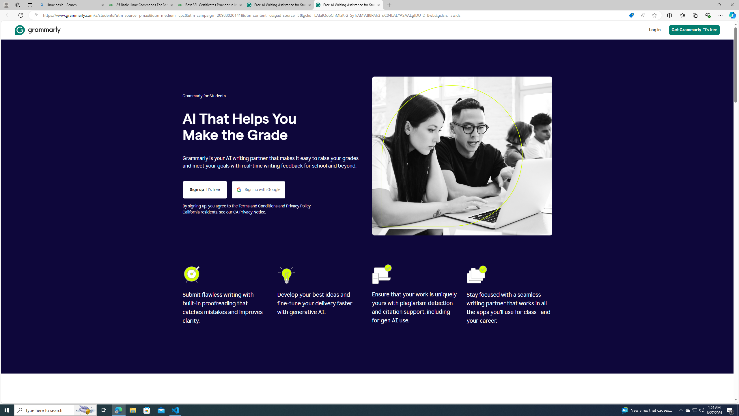 This screenshot has height=416, width=739. Describe the element at coordinates (298, 206) in the screenshot. I see `'Privacy Policy'` at that location.